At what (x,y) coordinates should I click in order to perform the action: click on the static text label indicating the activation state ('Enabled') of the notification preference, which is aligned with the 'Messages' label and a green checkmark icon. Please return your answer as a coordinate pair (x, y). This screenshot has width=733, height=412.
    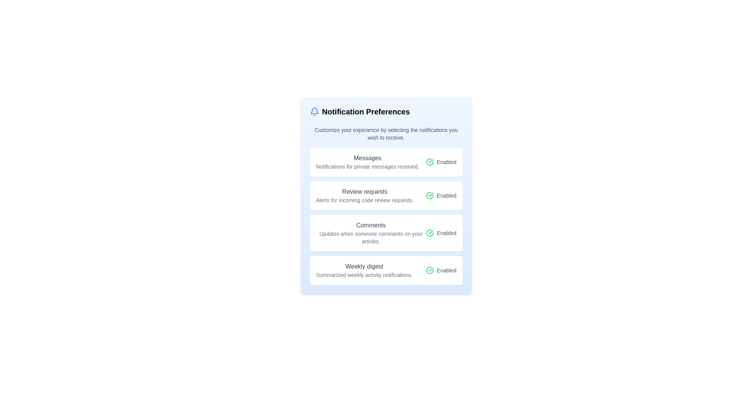
    Looking at the image, I should click on (446, 161).